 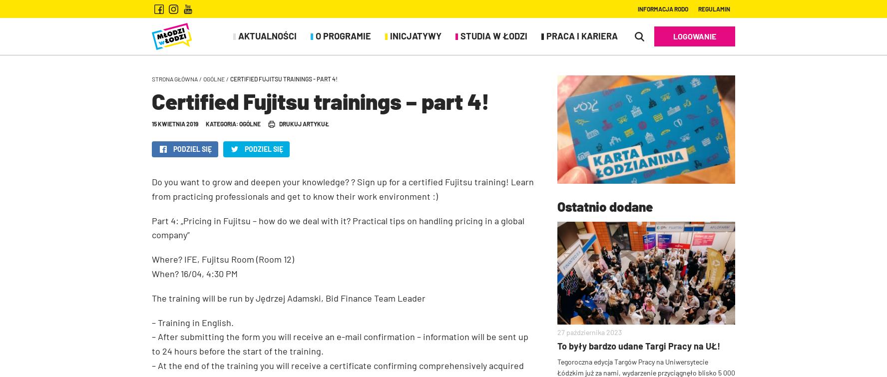 I want to click on 'Certified Fujitsu trainings – part 4!', so click(x=320, y=100).